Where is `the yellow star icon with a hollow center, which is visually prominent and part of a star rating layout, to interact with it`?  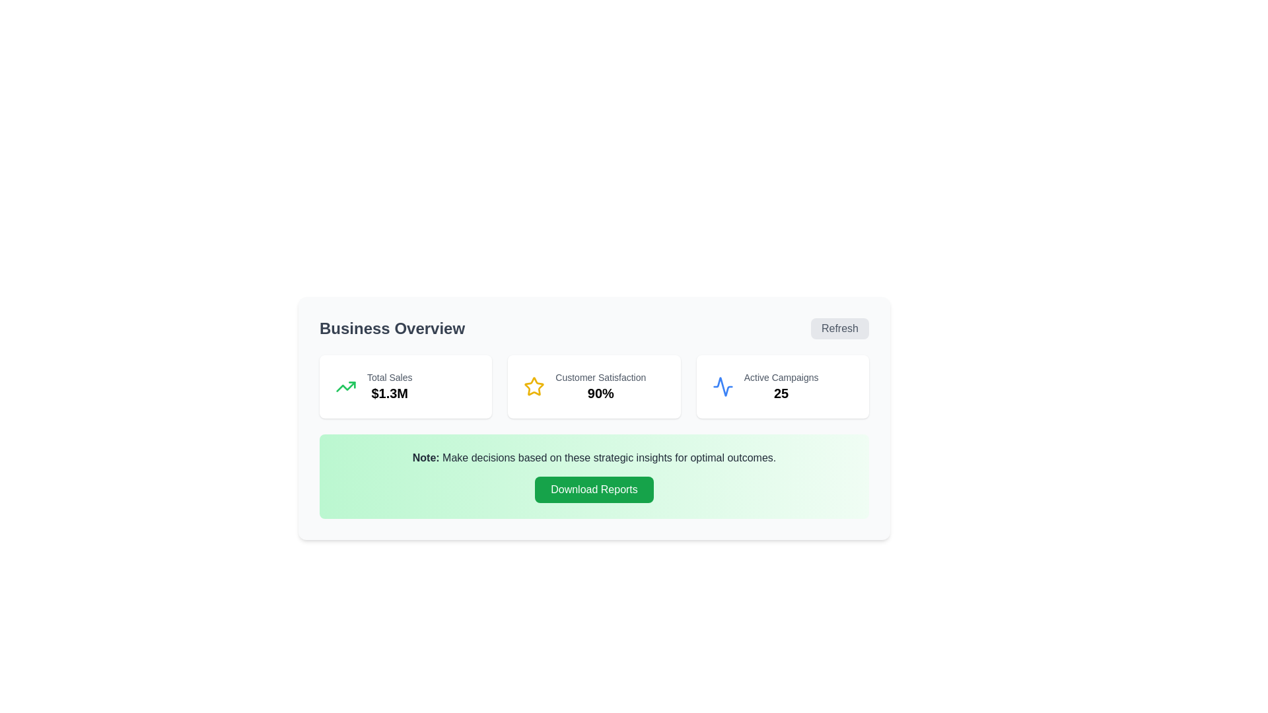 the yellow star icon with a hollow center, which is visually prominent and part of a star rating layout, to interact with it is located at coordinates (534, 386).